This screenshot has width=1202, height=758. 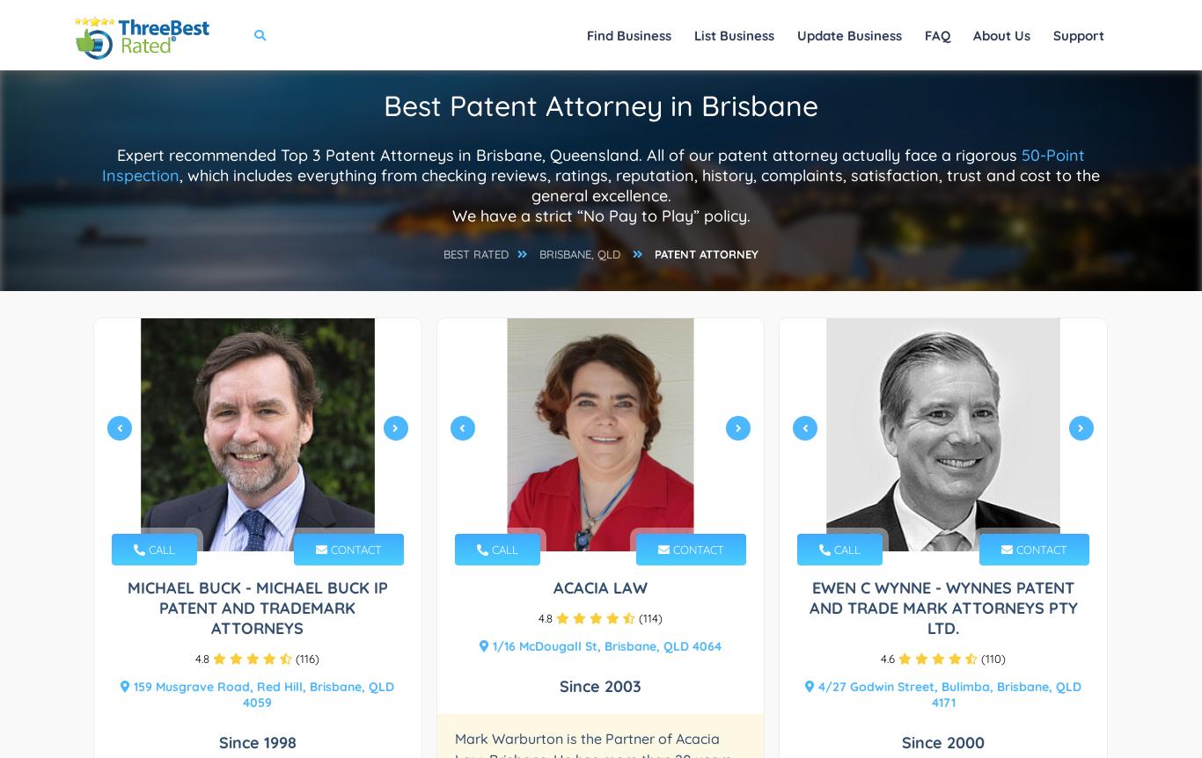 I want to click on 'We have a strict “No Pay to Play” policy.', so click(x=451, y=215).